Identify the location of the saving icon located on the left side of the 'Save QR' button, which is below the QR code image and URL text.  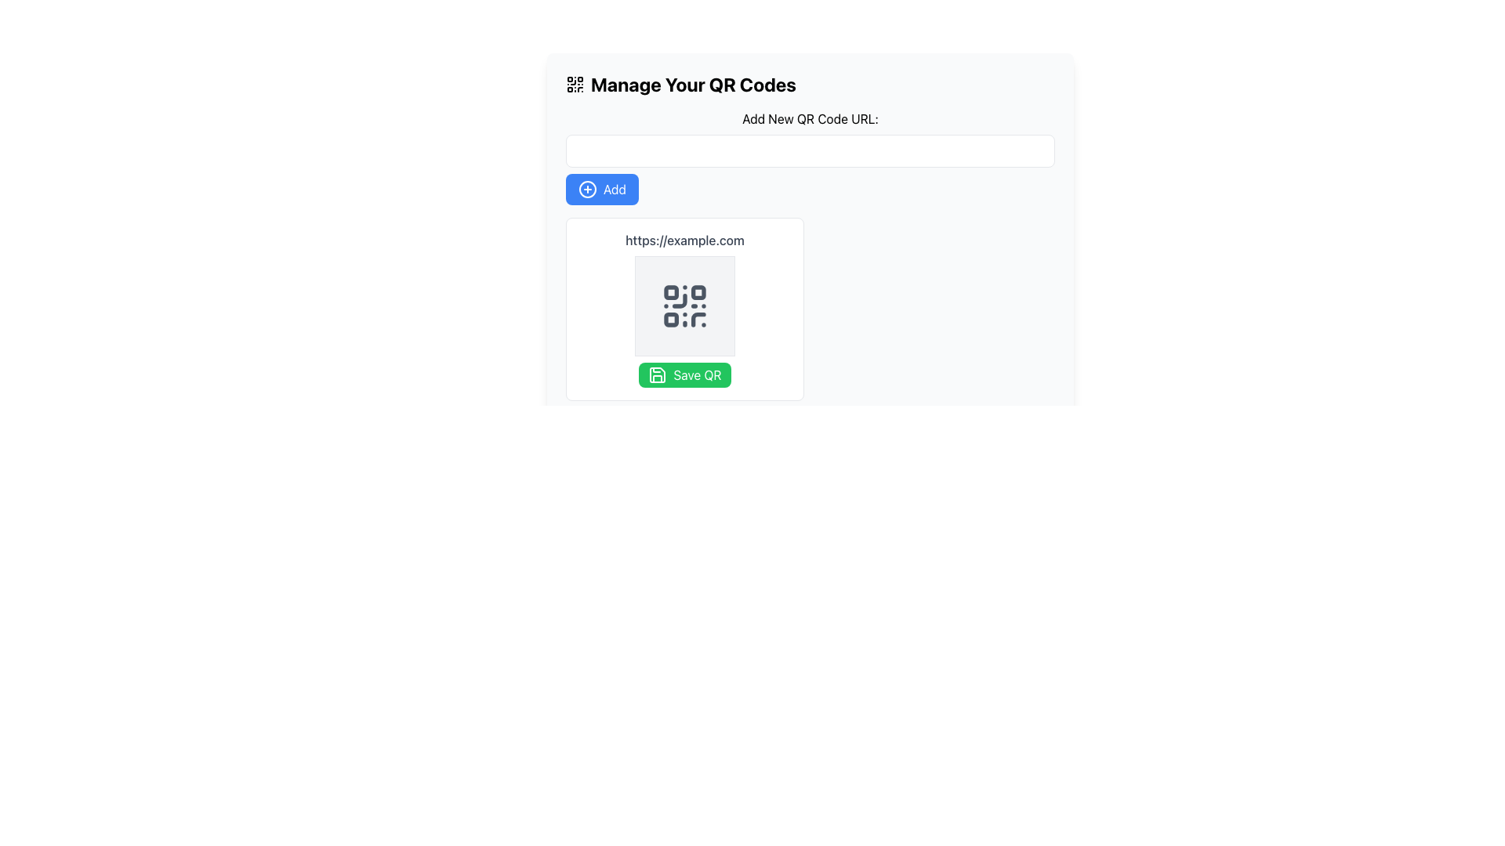
(658, 374).